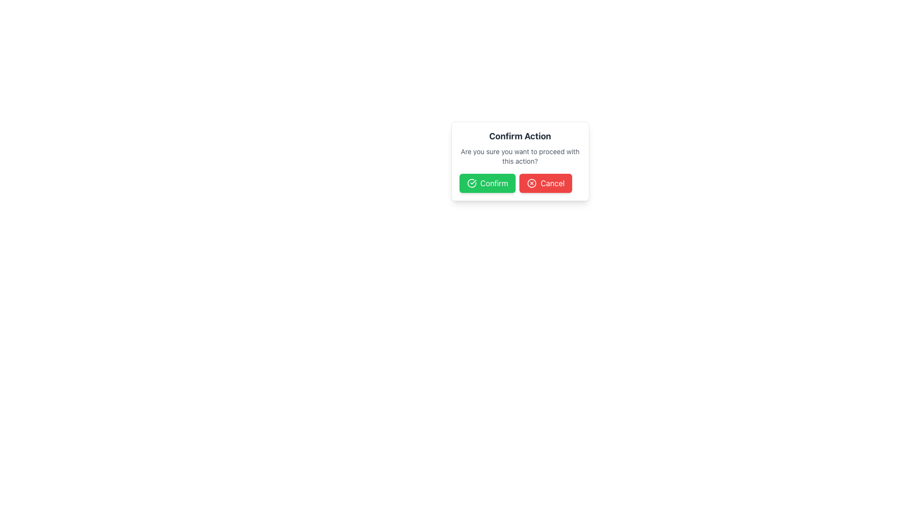 The image size is (920, 517). What do you see at coordinates (471, 183) in the screenshot?
I see `the circular checkmark icon located within the green 'Confirm' button for visual confirmation` at bounding box center [471, 183].